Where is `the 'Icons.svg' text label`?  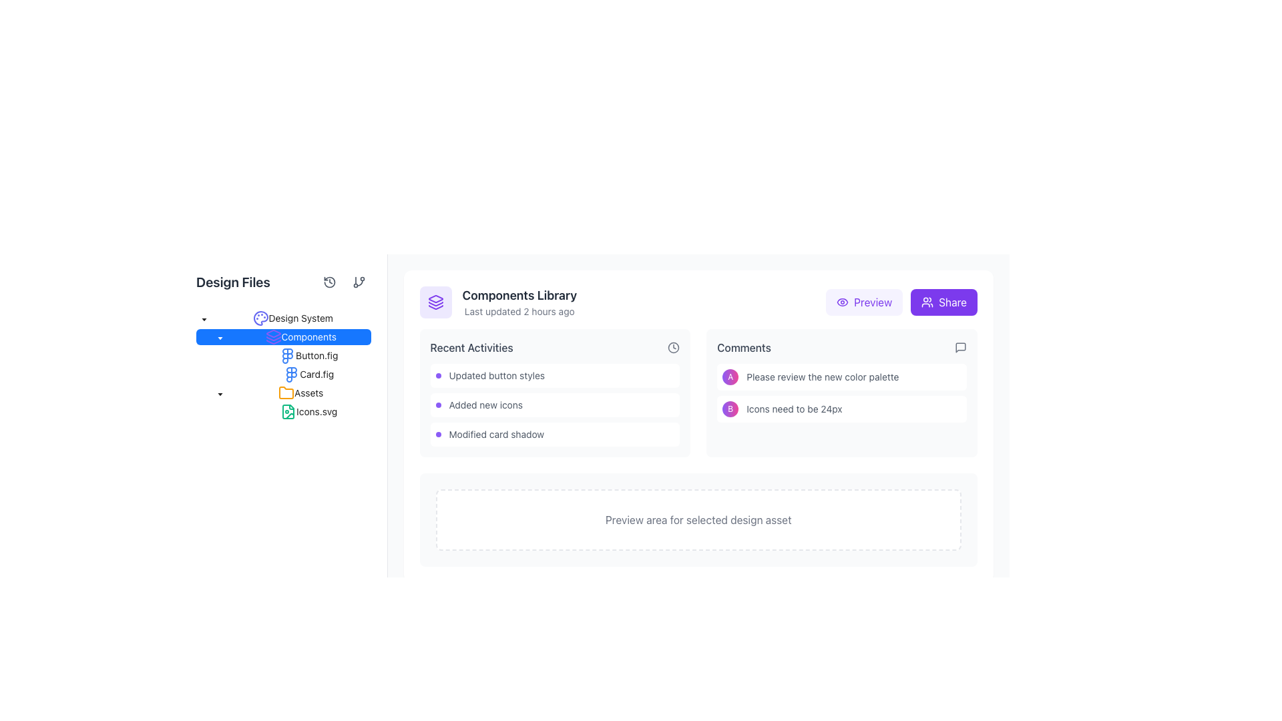 the 'Icons.svg' text label is located at coordinates (316, 411).